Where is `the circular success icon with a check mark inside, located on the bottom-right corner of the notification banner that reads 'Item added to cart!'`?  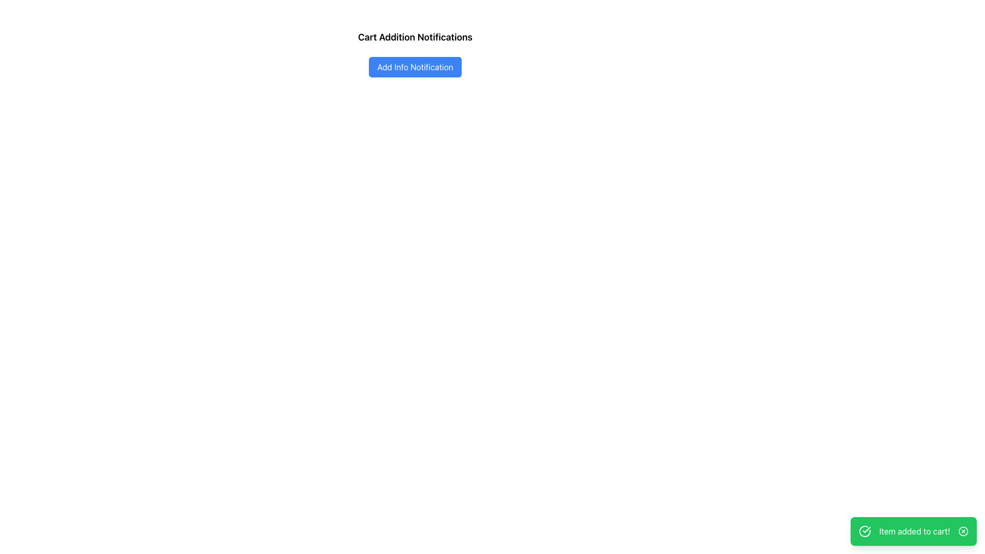 the circular success icon with a check mark inside, located on the bottom-right corner of the notification banner that reads 'Item added to cart!' is located at coordinates (864, 531).